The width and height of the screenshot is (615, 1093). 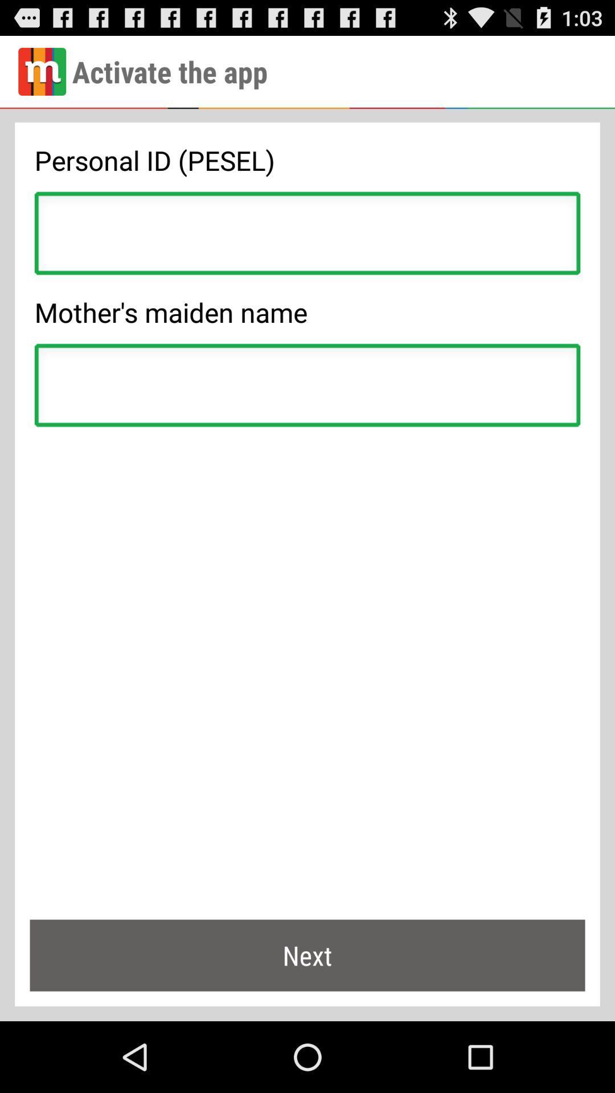 What do you see at coordinates (307, 955) in the screenshot?
I see `next at the bottom` at bounding box center [307, 955].